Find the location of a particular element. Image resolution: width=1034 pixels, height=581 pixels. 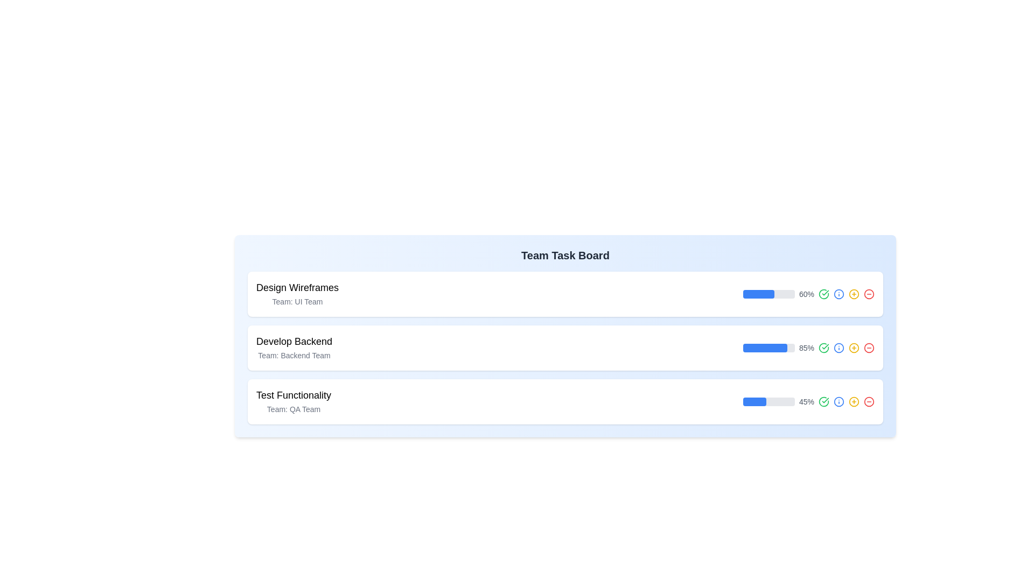

the fifth icon button in the horizontal row of status icons for the 'Design Wireframes' task is located at coordinates (869, 294).